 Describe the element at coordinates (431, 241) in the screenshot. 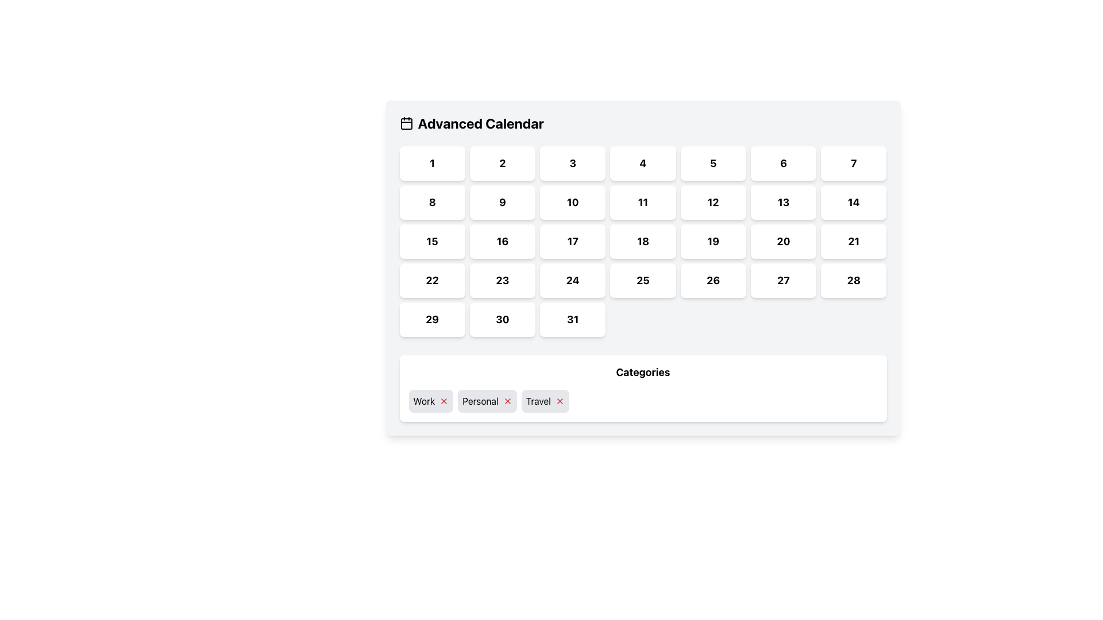

I see `the date selection button labeled '15' in the Advanced Calendar section to trigger its highlighted state` at that location.